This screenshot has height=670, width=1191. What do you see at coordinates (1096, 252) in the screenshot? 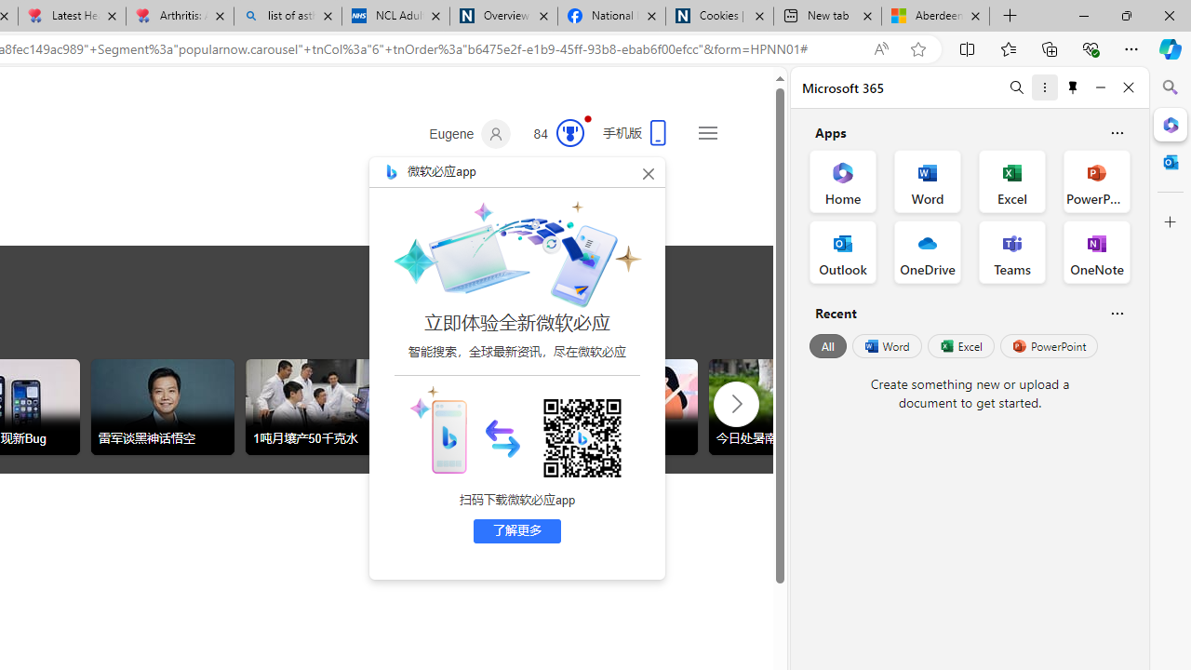
I see `'OneNote Office App'` at bounding box center [1096, 252].